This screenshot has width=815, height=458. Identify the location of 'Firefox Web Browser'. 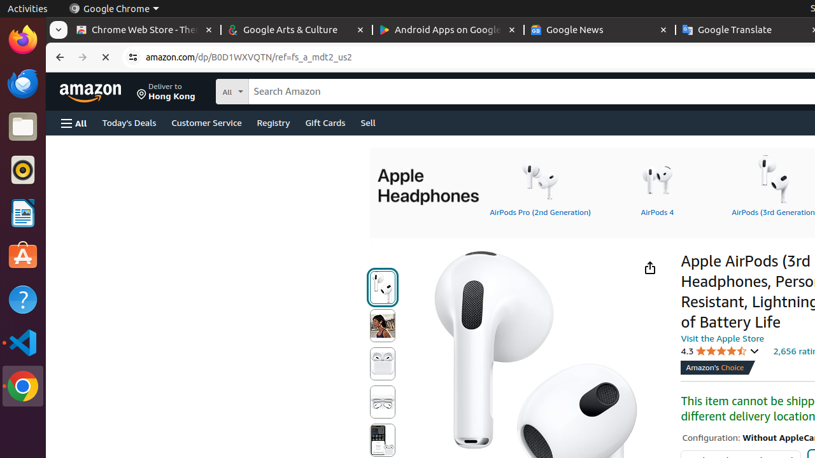
(22, 39).